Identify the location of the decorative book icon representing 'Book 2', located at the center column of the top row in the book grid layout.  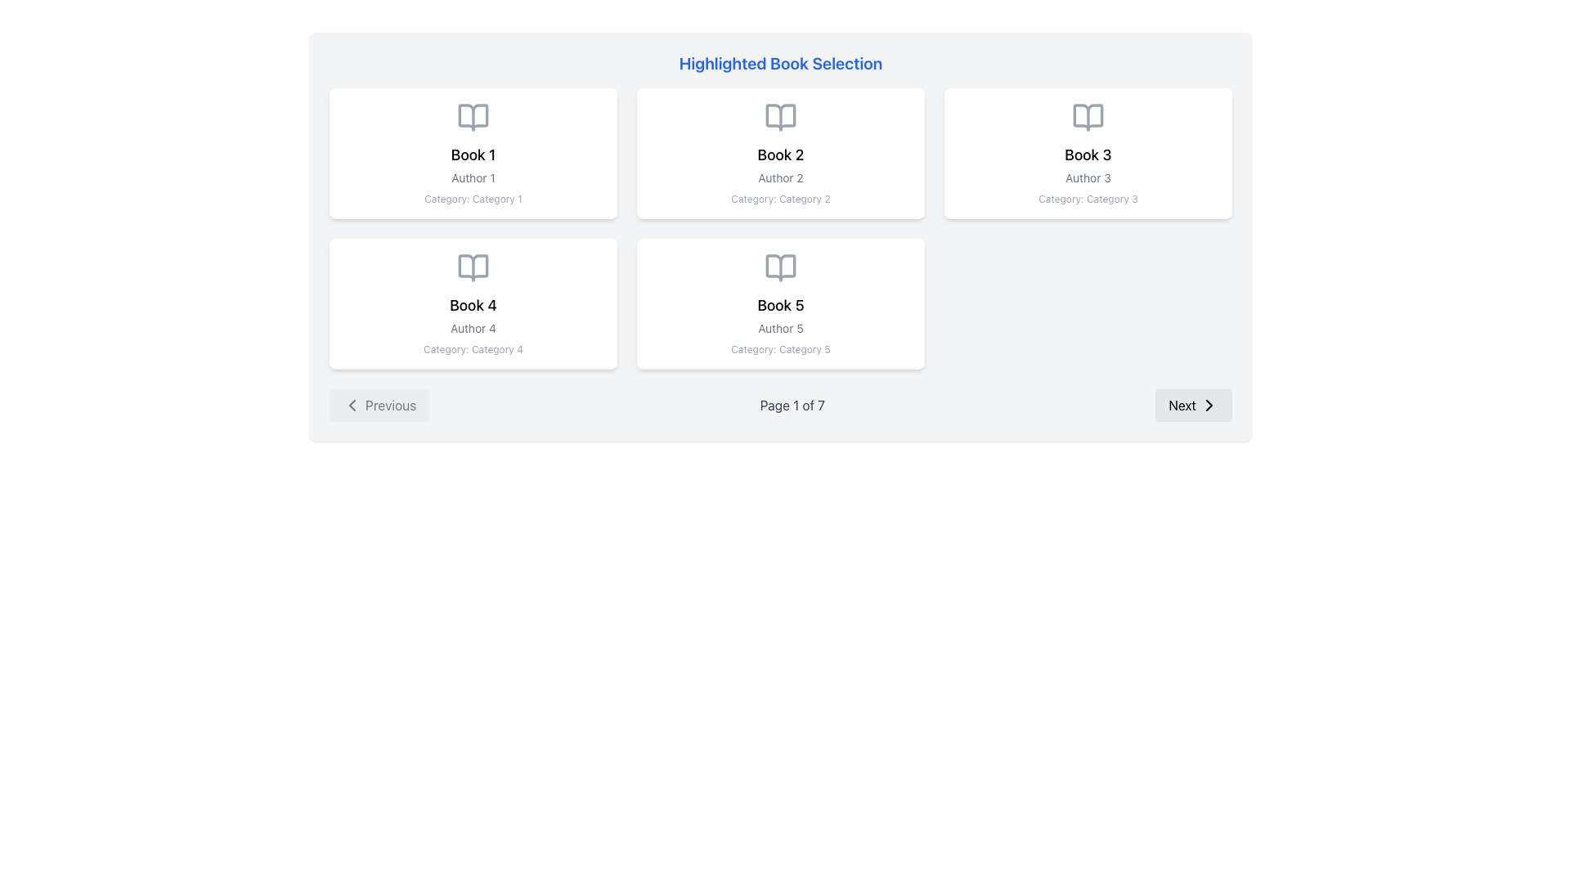
(780, 116).